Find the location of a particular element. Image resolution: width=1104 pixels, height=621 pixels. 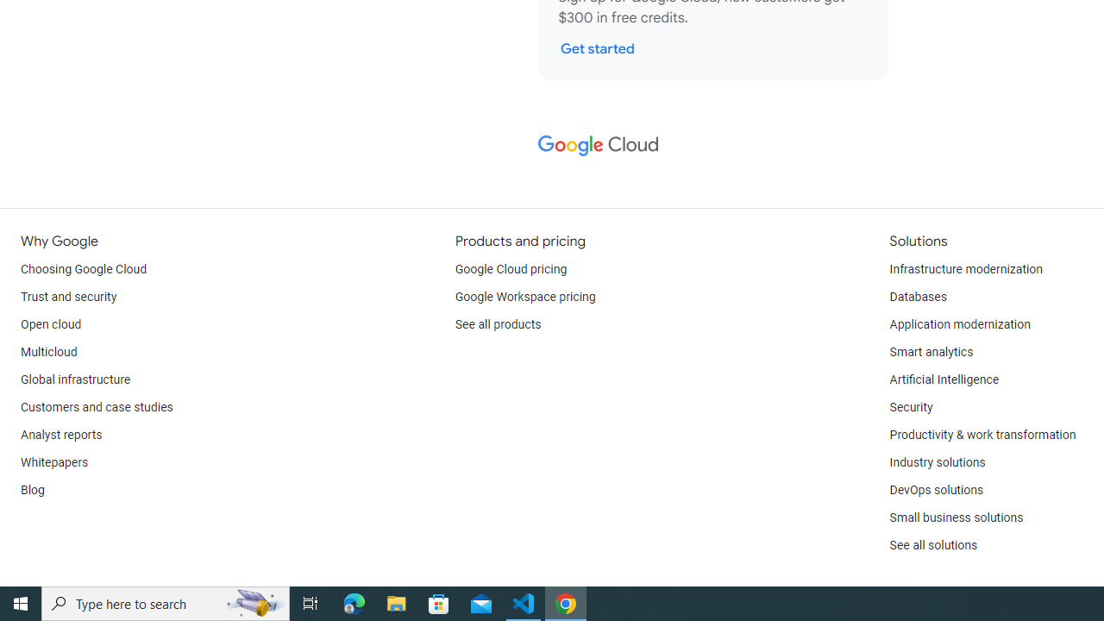

'Trust and security' is located at coordinates (69, 296).